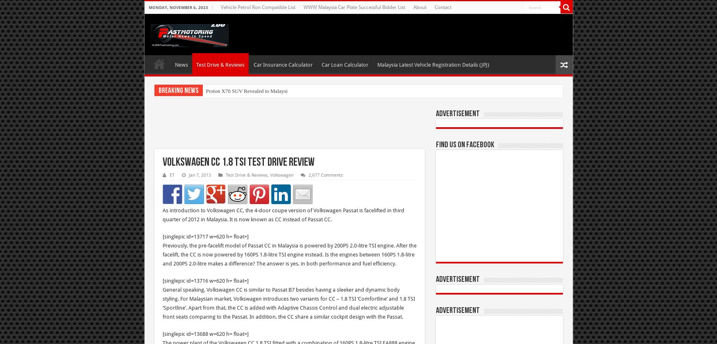 The height and width of the screenshot is (344, 717). I want to click on 'Jan 7, 2013', so click(188, 175).